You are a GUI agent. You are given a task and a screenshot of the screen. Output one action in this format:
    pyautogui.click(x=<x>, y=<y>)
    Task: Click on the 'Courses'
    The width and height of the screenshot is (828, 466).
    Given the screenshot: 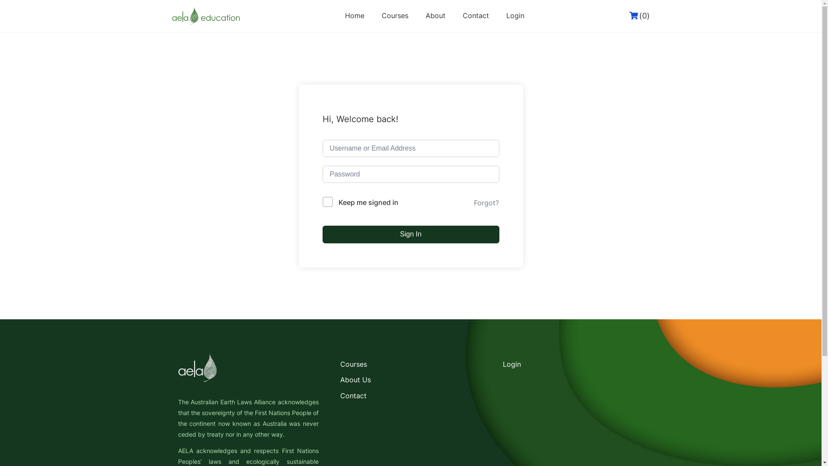 What is the action you would take?
    pyautogui.click(x=354, y=364)
    